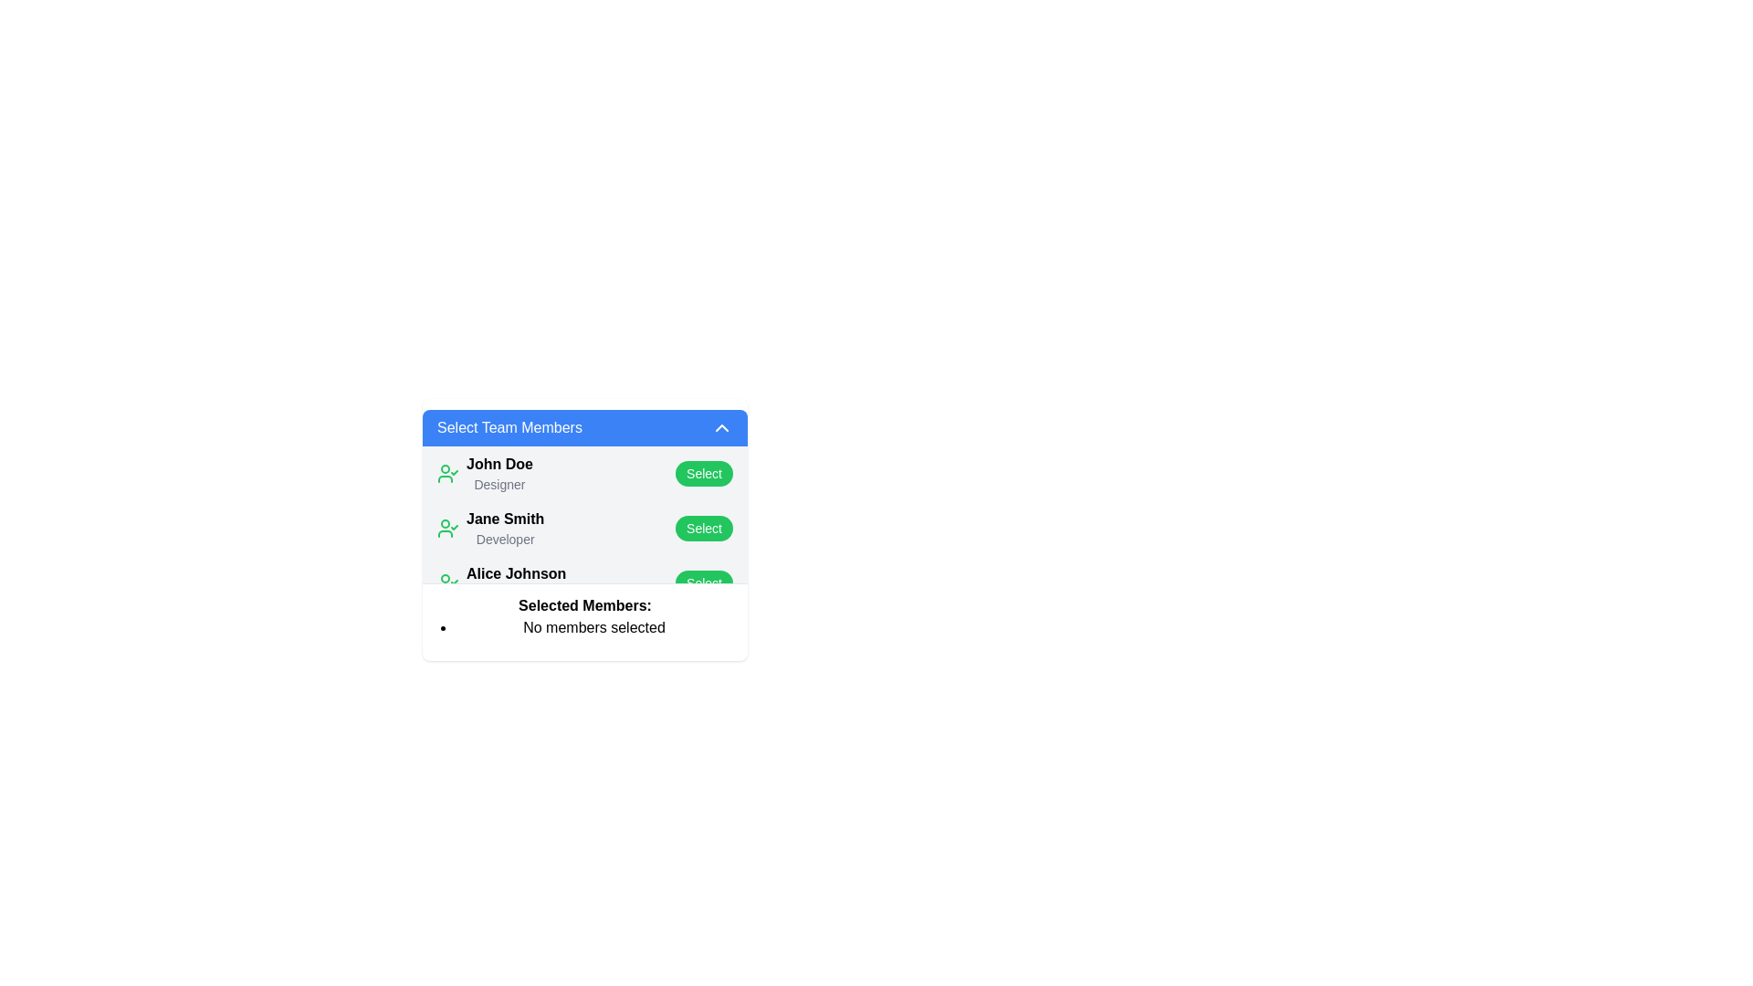  What do you see at coordinates (499, 473) in the screenshot?
I see `the content of the Text Label displaying 'John Doe' and 'Designer', which is the first entry in the 'Select Team Members' list, located near the top of the interface` at bounding box center [499, 473].